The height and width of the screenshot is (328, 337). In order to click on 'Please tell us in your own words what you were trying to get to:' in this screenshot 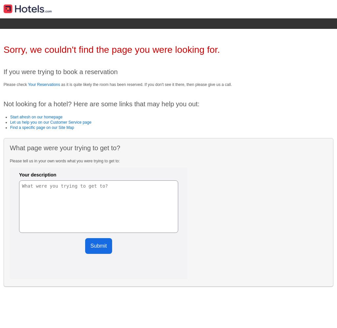, I will do `click(10, 160)`.